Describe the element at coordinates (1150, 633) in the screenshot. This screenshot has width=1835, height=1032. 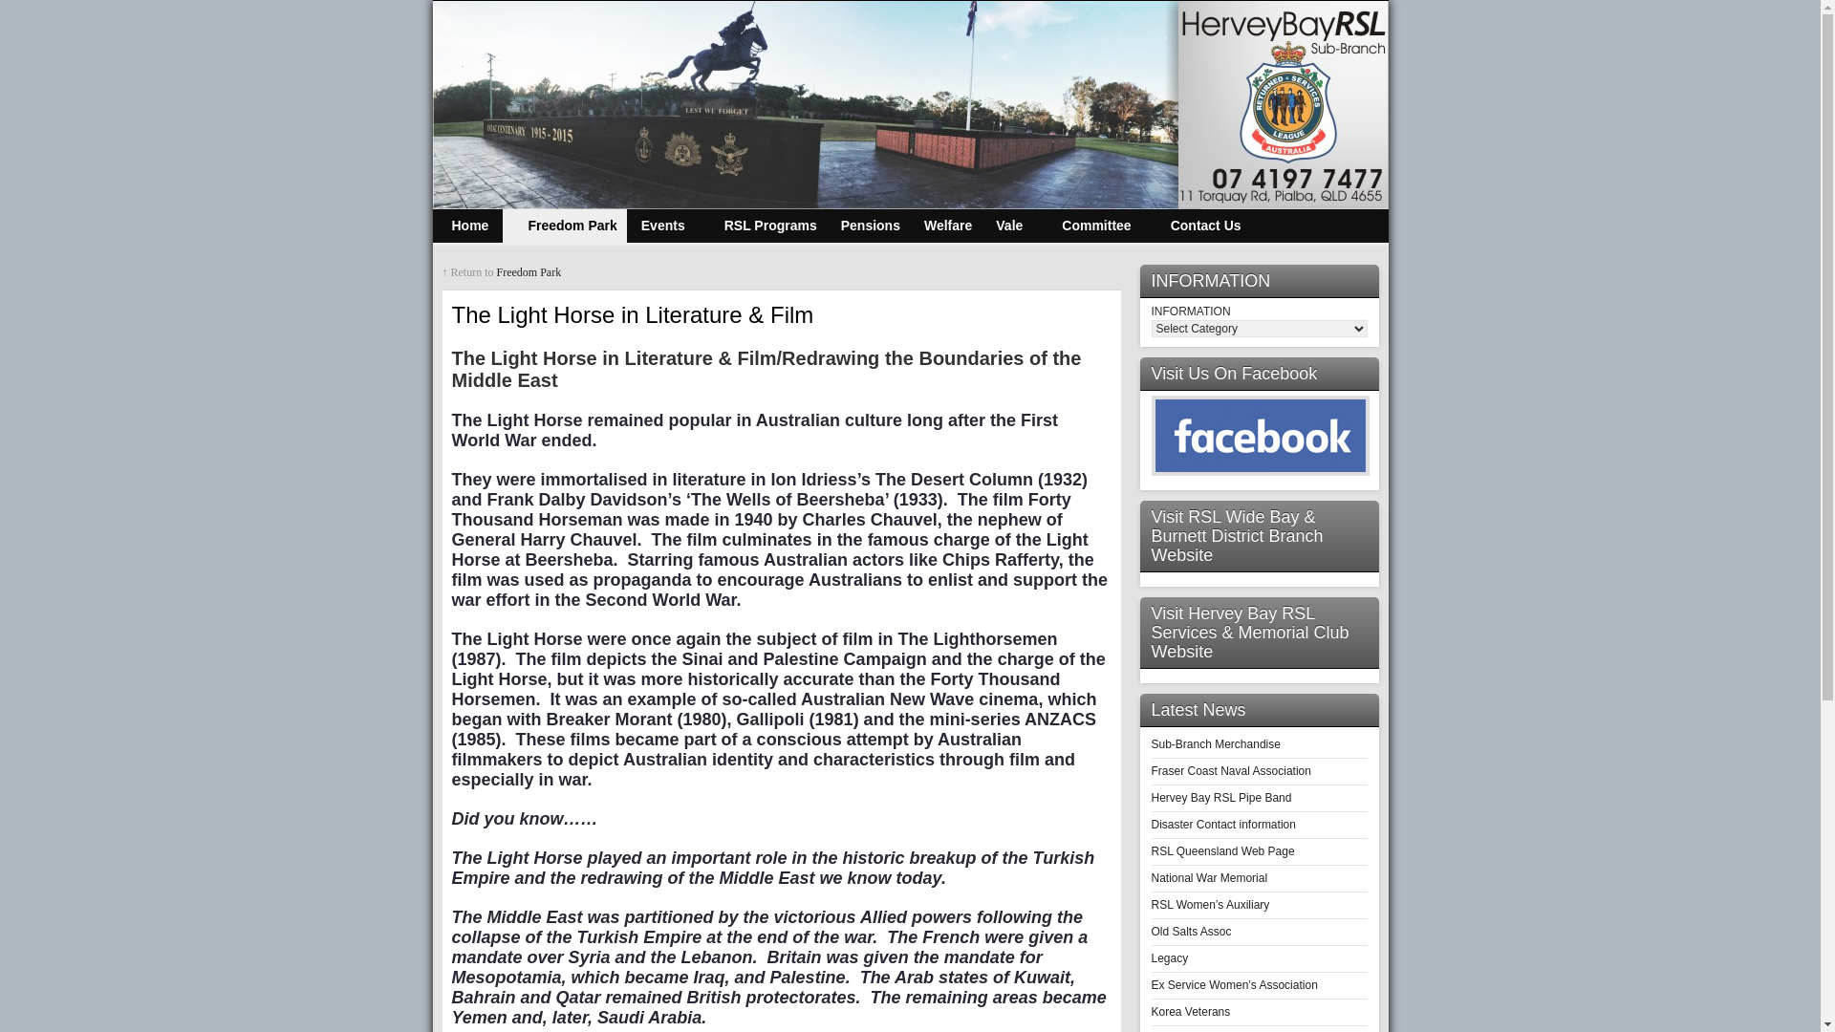
I see `'Visit Hervey Bay RSL Services & Memorial Club Website'` at that location.